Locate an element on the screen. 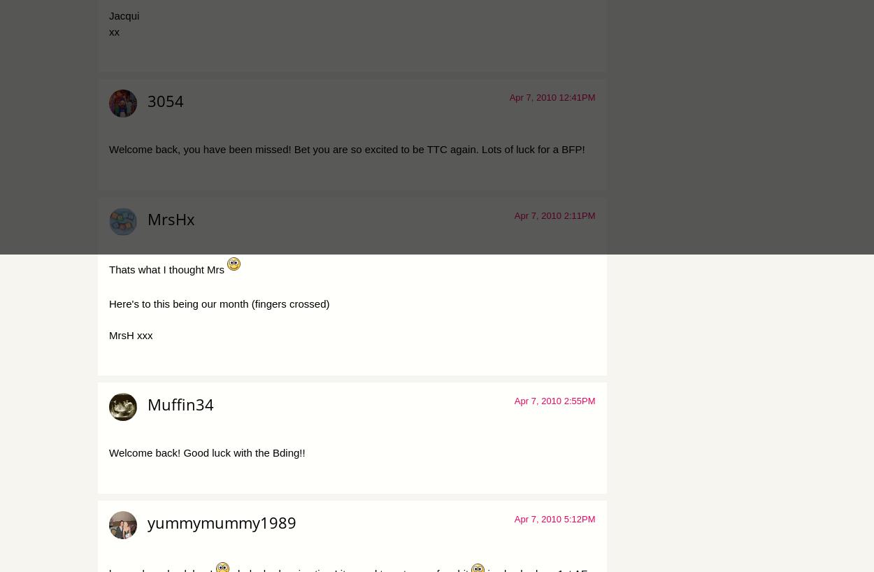 The height and width of the screenshot is (572, 874). 'Welcome back, you have been missed! Bet you are so excited to be TTC again. Lots of luck for a BFP!' is located at coordinates (109, 149).